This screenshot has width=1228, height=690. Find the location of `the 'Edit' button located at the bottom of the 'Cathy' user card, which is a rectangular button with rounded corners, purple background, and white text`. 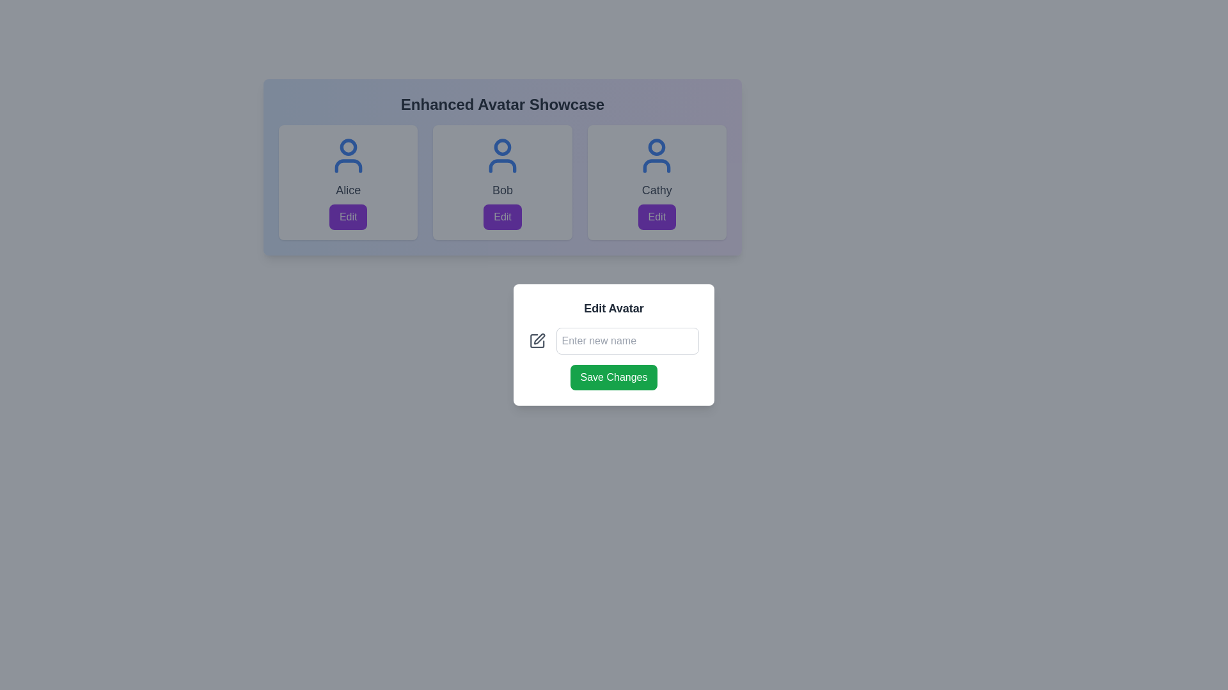

the 'Edit' button located at the bottom of the 'Cathy' user card, which is a rectangular button with rounded corners, purple background, and white text is located at coordinates (657, 216).